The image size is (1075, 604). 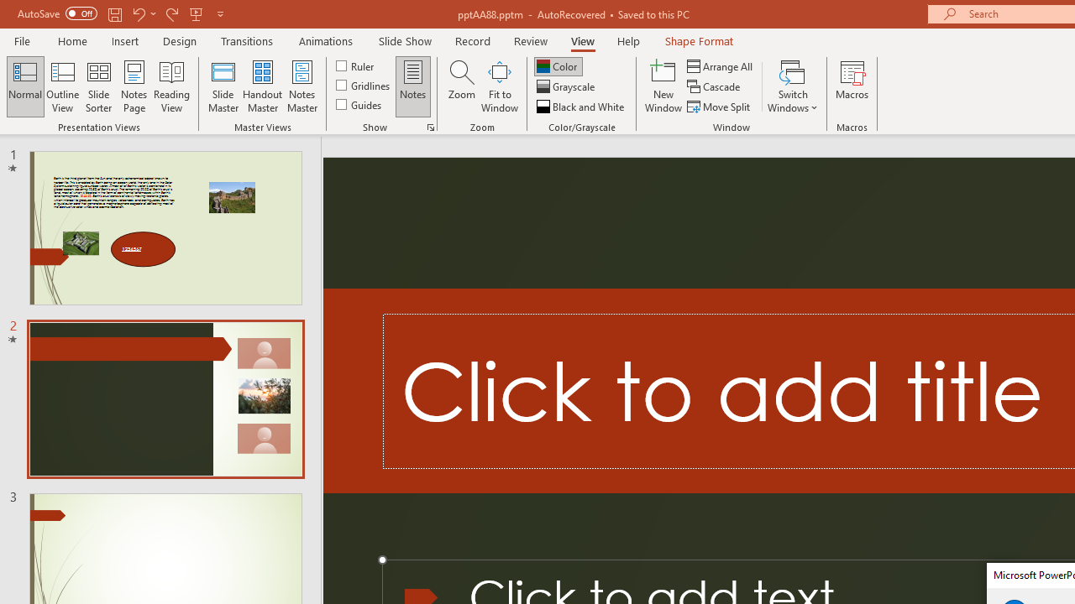 I want to click on 'Black and White', so click(x=582, y=107).